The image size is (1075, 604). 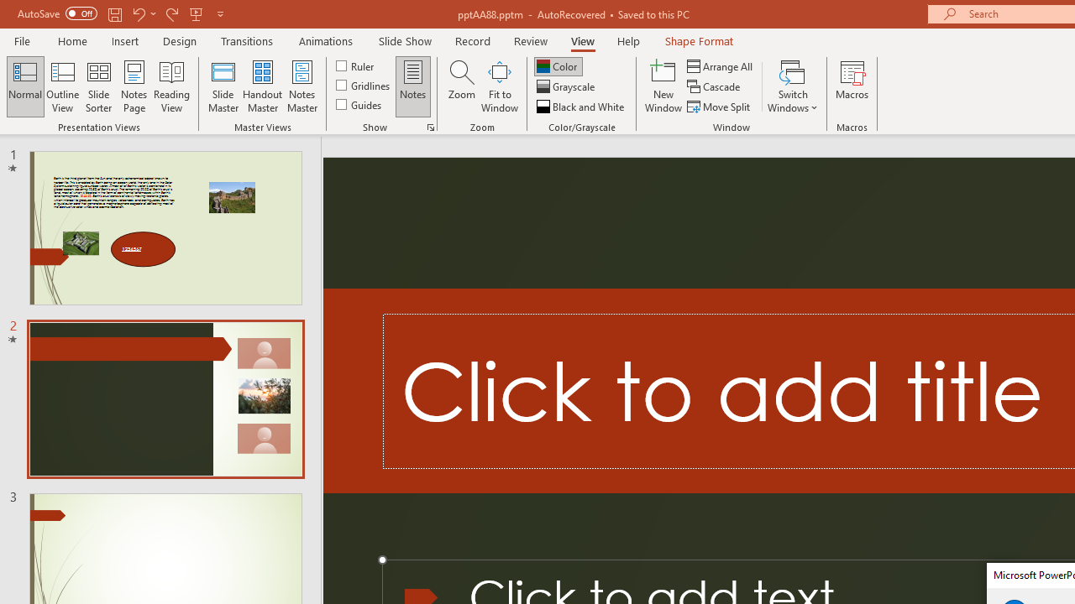 I want to click on 'Black and White', so click(x=582, y=107).